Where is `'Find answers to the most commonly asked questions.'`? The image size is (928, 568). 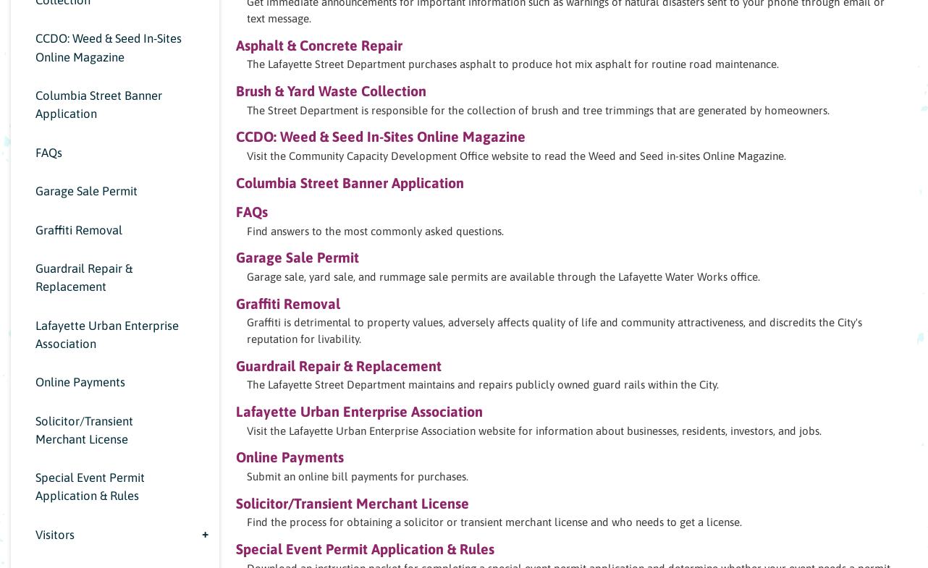 'Find answers to the most commonly asked questions.' is located at coordinates (375, 229).